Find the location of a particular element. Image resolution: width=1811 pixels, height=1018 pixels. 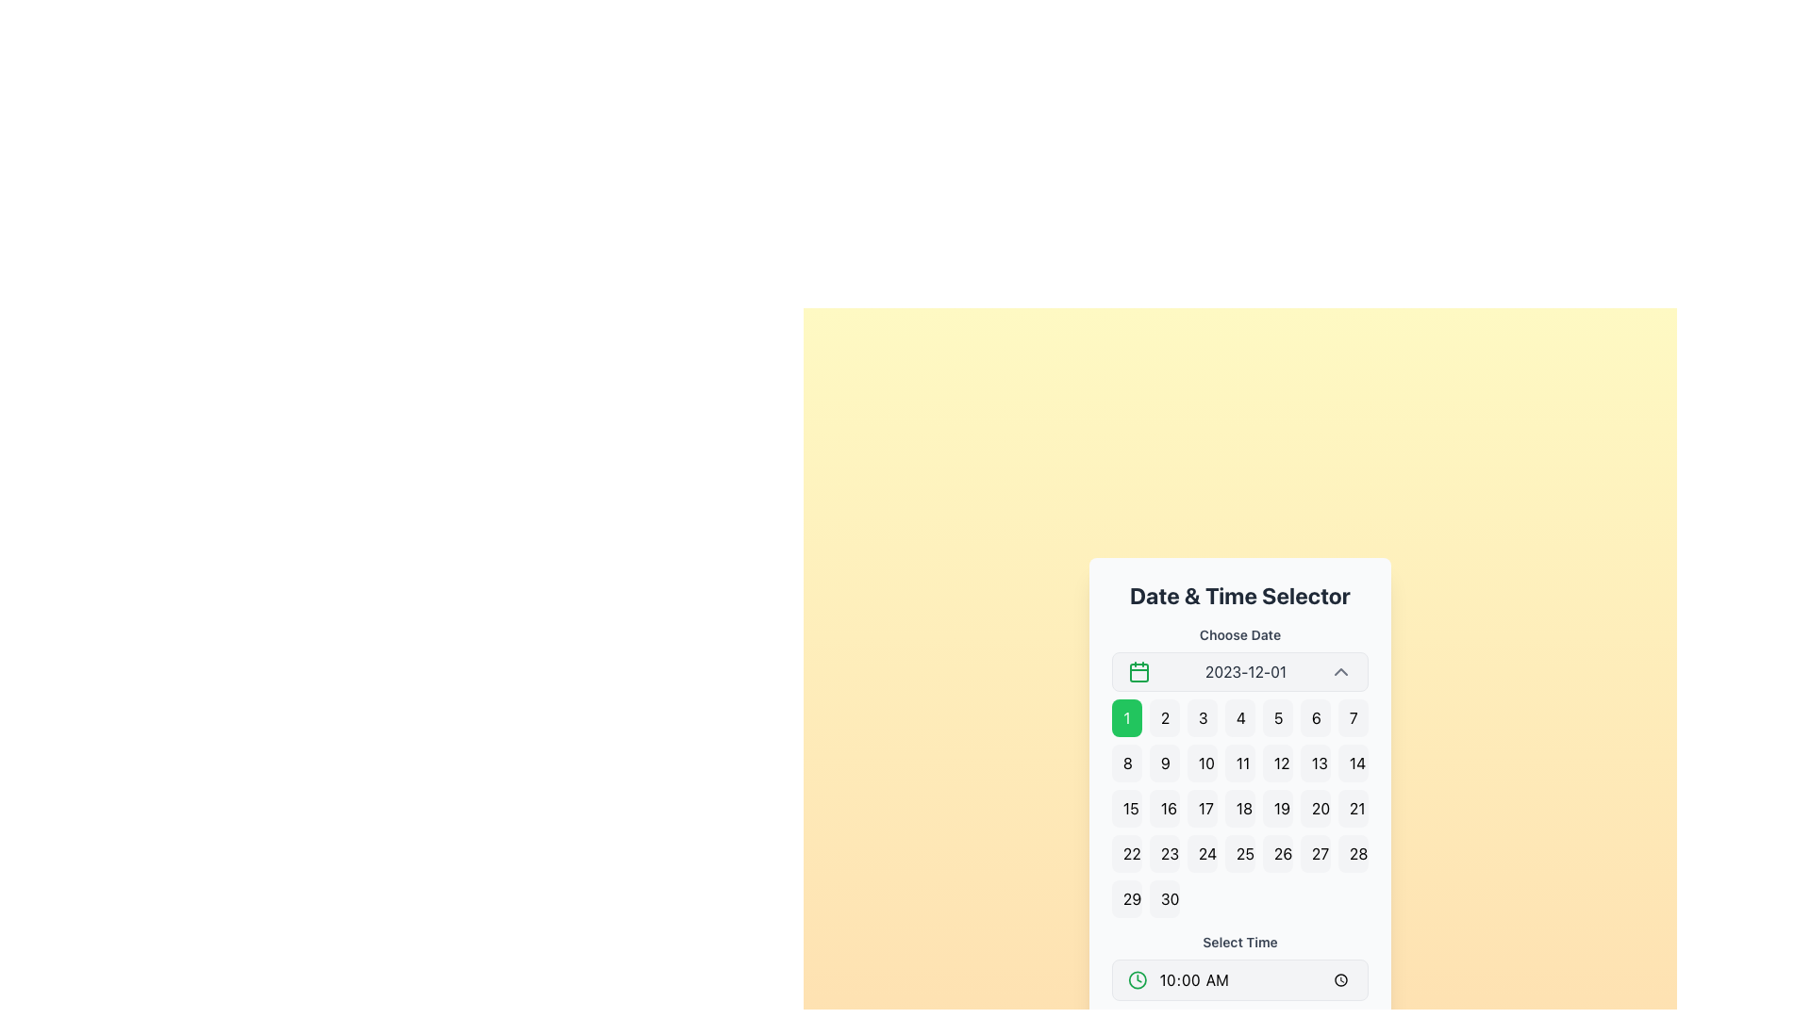

the button representing the date '10' in the calendar located in the second row, third column under the 'Choose Date' header is located at coordinates (1202, 763).